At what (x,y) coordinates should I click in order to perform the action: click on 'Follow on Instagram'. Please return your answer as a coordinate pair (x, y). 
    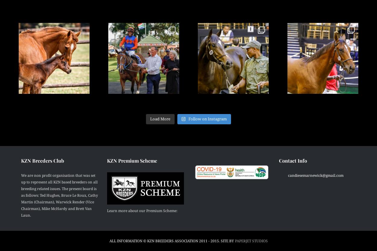
    Looking at the image, I should click on (208, 119).